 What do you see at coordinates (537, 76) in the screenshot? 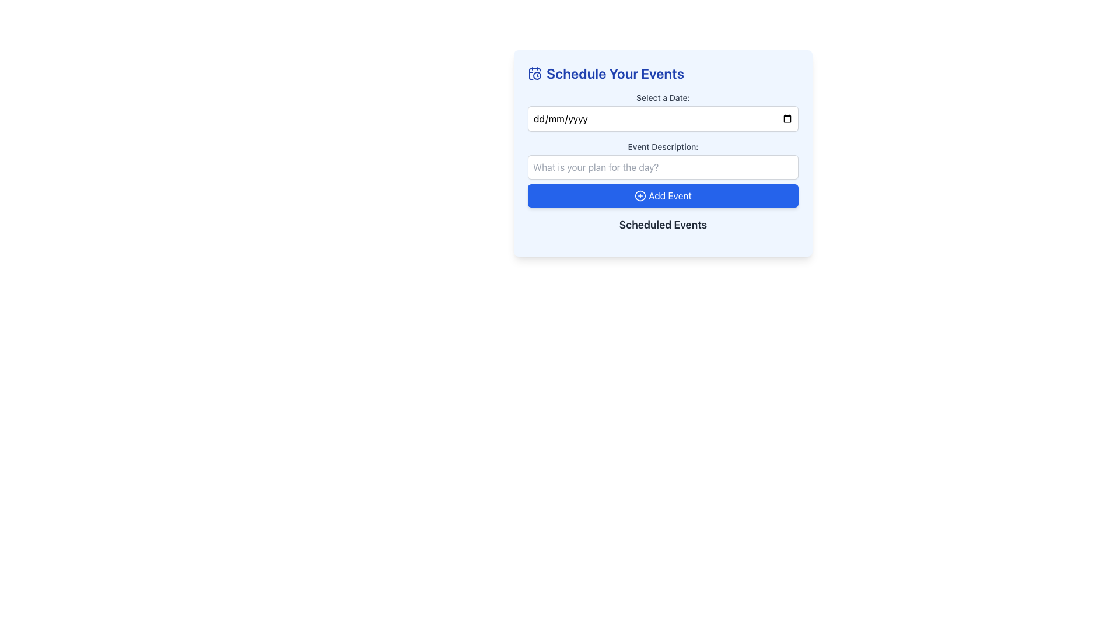
I see `the small circular SVG Circle representing a clock face within the calendar icon located to the left of the header text 'Schedule Your Events'` at bounding box center [537, 76].